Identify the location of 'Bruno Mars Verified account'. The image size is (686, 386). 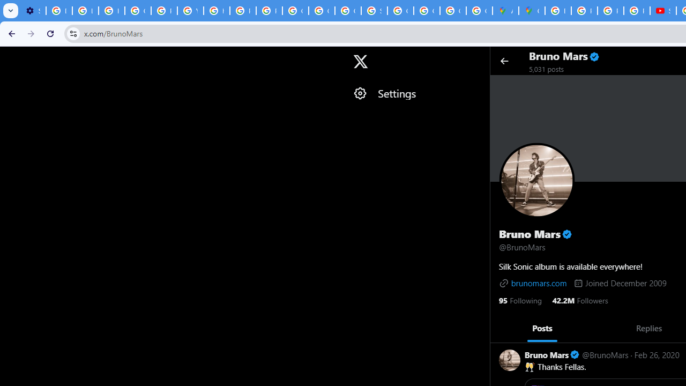
(552, 354).